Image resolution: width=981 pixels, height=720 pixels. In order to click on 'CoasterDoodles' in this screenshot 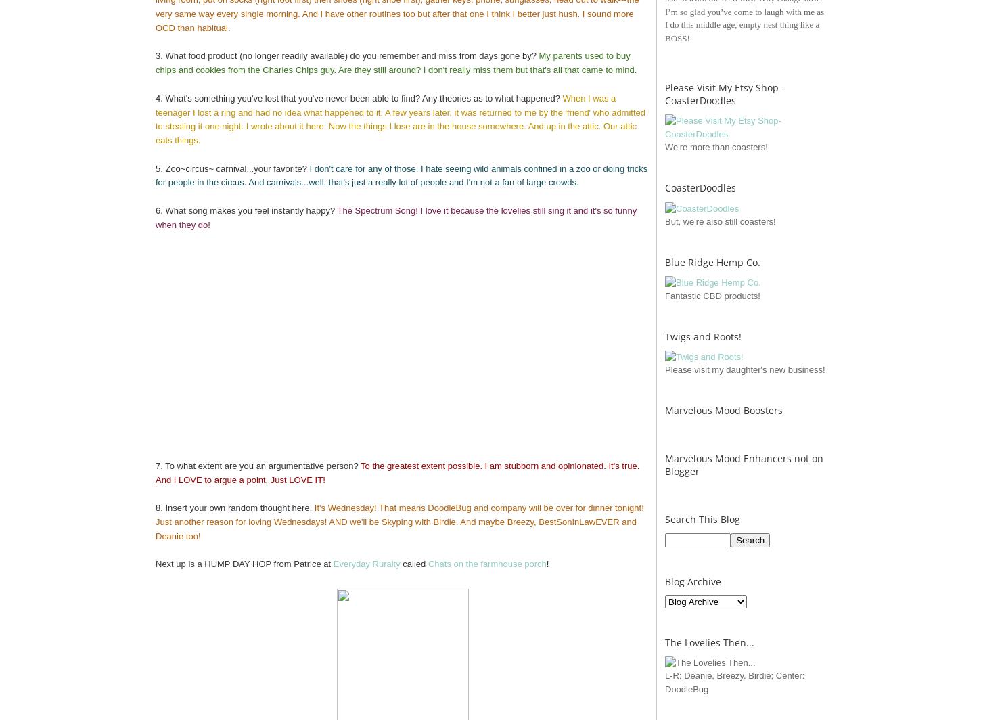, I will do `click(700, 187)`.